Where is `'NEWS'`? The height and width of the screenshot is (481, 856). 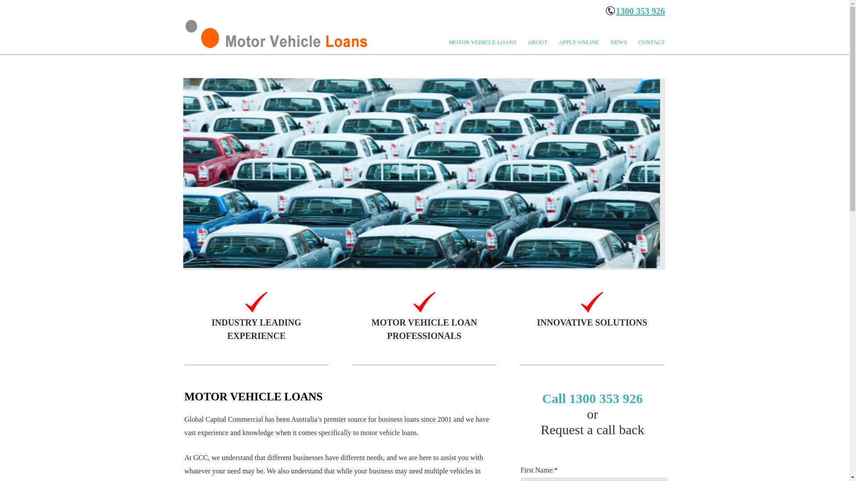 'NEWS' is located at coordinates (609, 42).